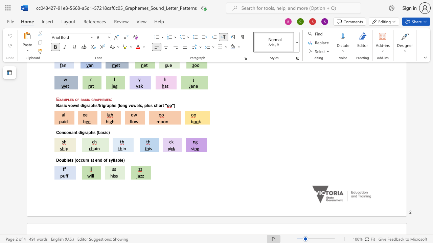 The height and width of the screenshot is (243, 433). Describe the element at coordinates (92, 160) in the screenshot. I see `the space between the continuous character "a" and "t" in the text` at that location.